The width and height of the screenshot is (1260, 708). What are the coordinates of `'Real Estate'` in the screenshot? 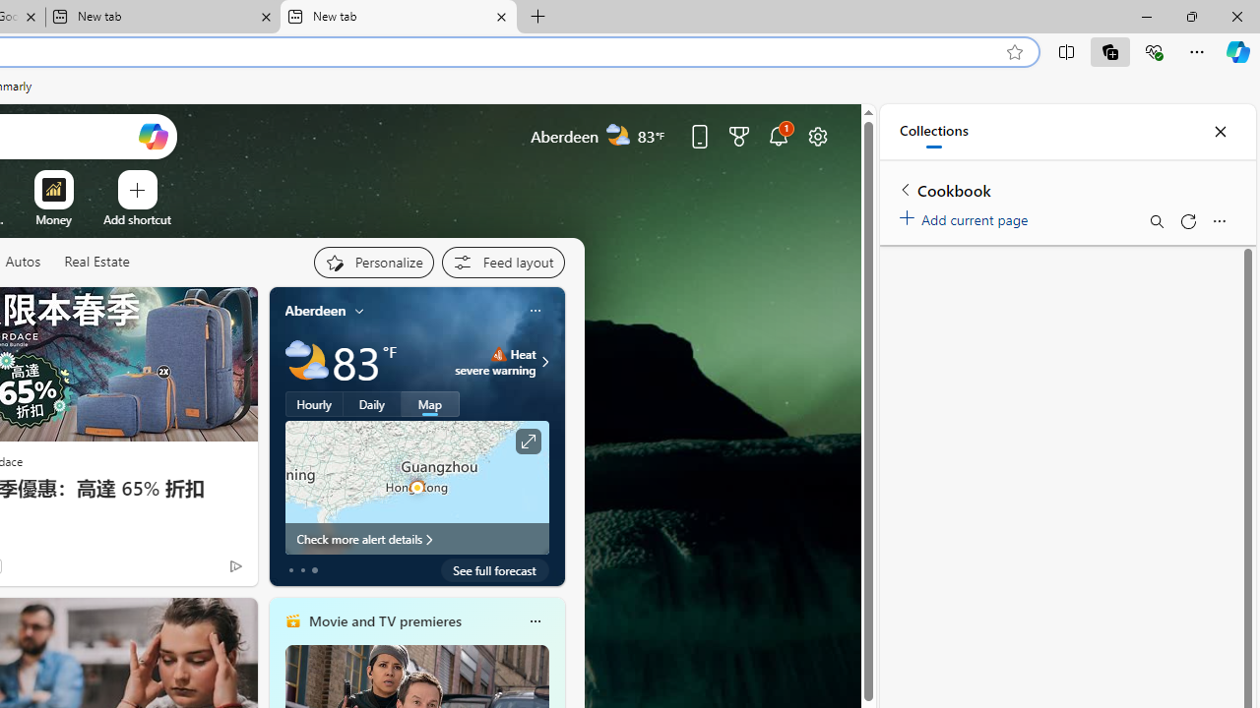 It's located at (95, 261).